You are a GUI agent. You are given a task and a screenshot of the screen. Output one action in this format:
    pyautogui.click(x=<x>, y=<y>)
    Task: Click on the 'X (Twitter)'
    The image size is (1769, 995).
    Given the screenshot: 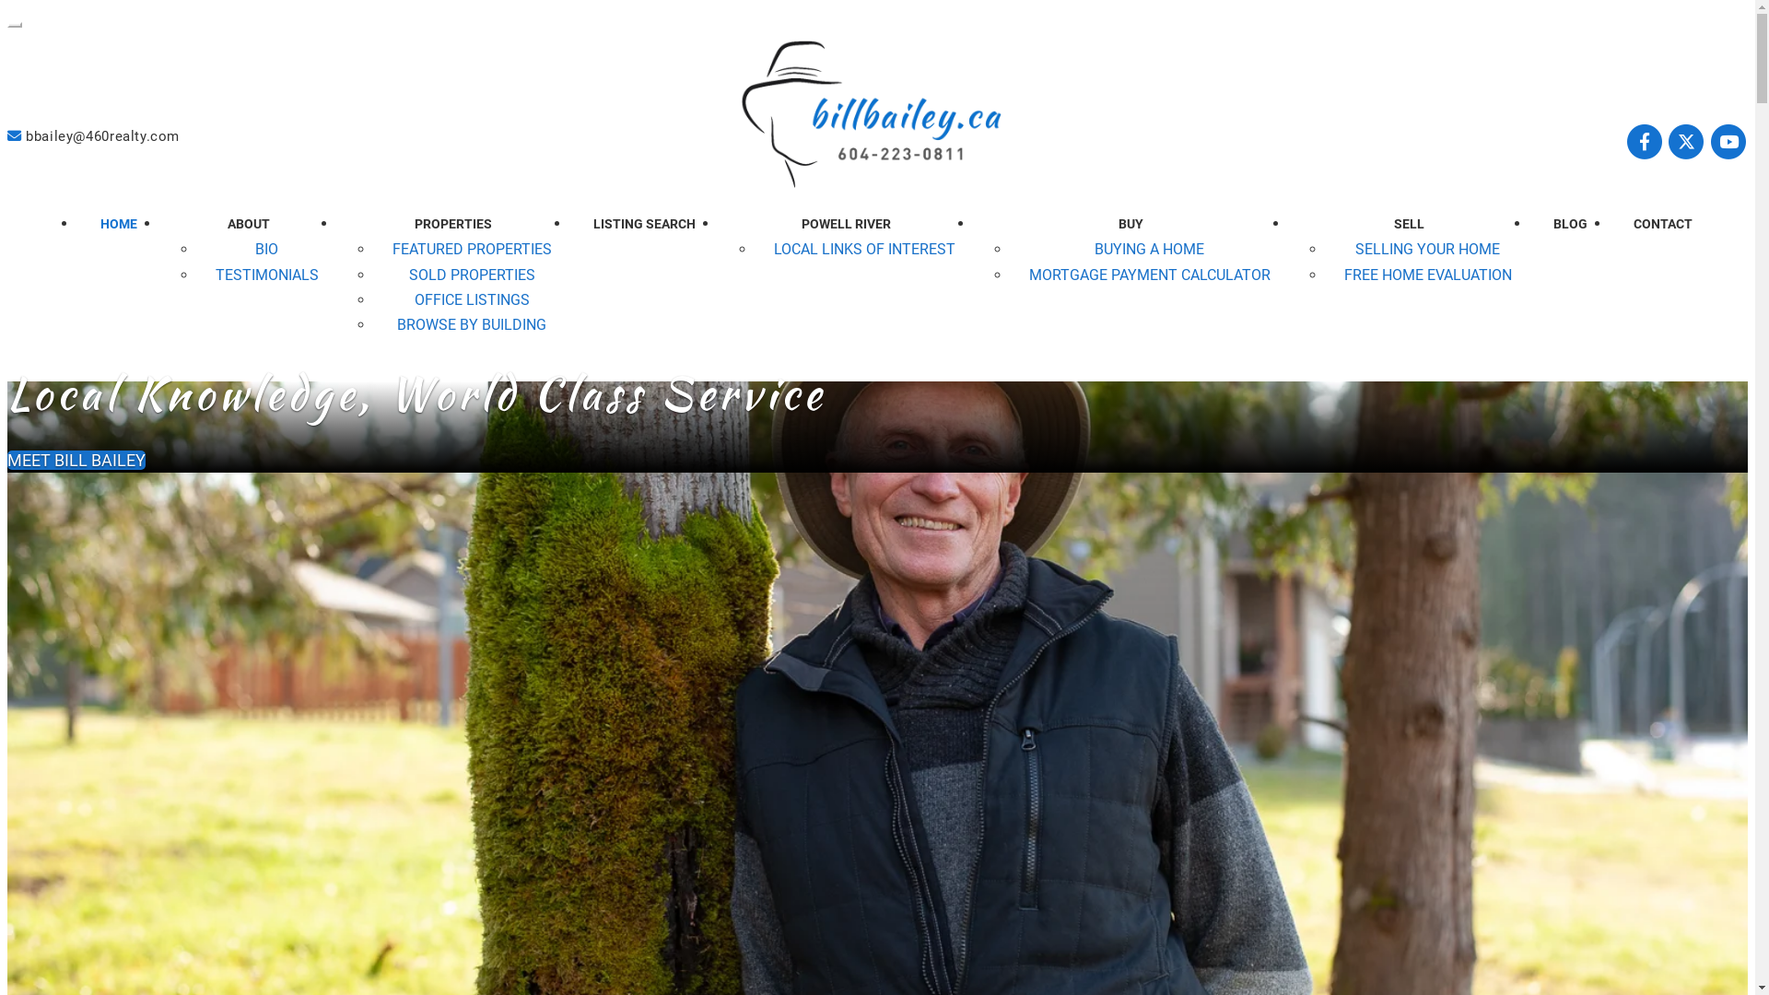 What is the action you would take?
    pyautogui.click(x=1688, y=141)
    